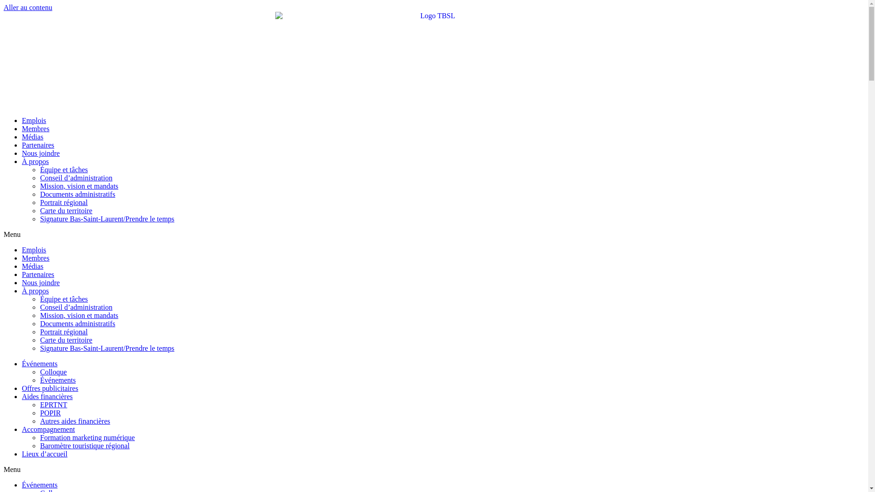 The image size is (875, 492). I want to click on 'Aller au contenu', so click(28, 7).